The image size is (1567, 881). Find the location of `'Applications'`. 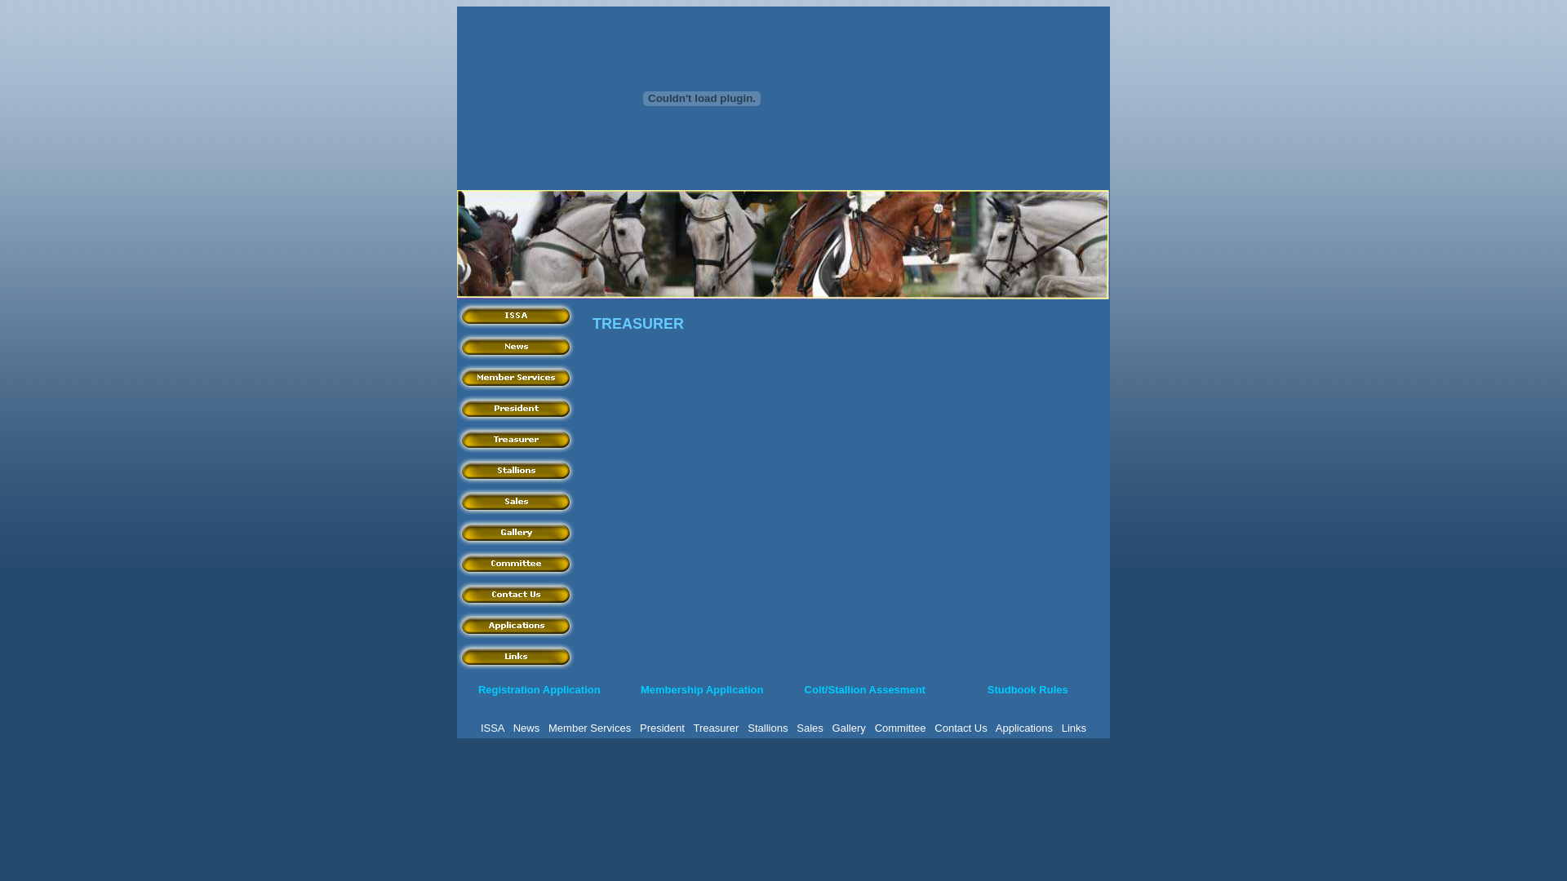

'Applications' is located at coordinates (457, 624).